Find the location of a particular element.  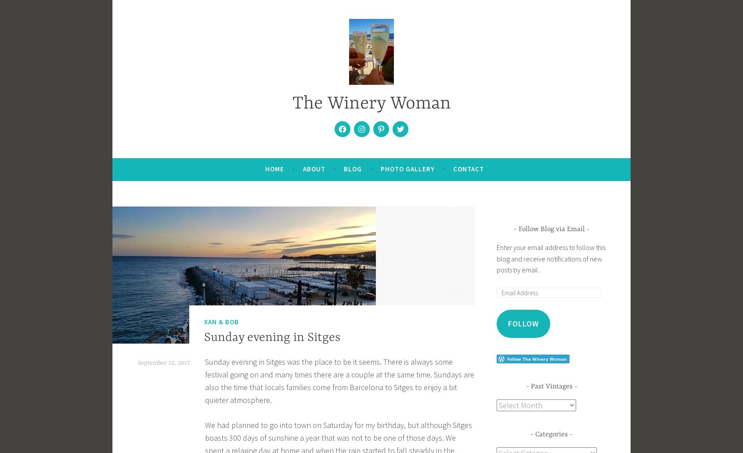

'Blog' is located at coordinates (353, 168).